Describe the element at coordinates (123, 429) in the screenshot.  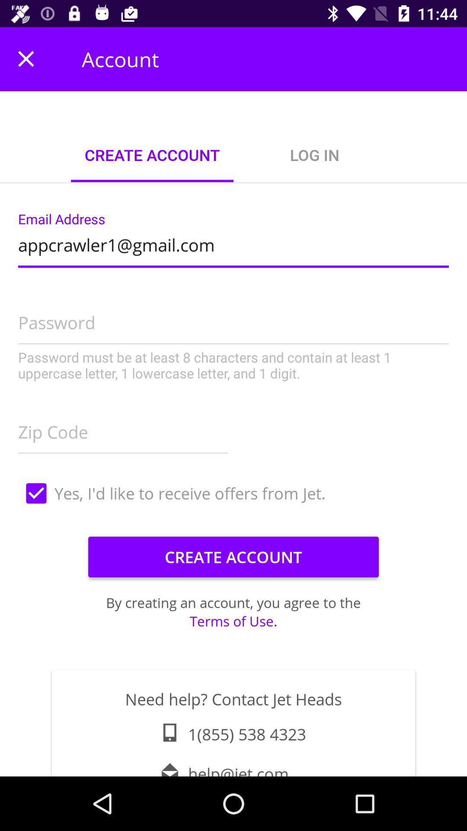
I see `item on the left` at that location.